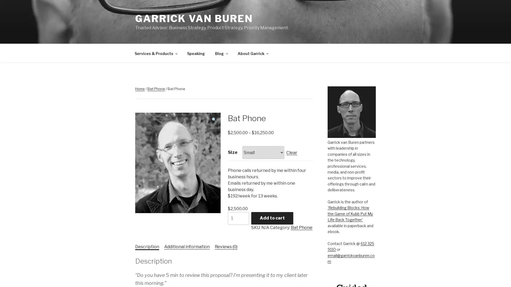  What do you see at coordinates (272, 218) in the screenshot?
I see `Add to cart` at bounding box center [272, 218].